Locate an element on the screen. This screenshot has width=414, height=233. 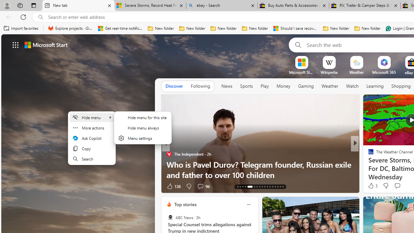
'AutomationID: tab-20' is located at coordinates (259, 187).